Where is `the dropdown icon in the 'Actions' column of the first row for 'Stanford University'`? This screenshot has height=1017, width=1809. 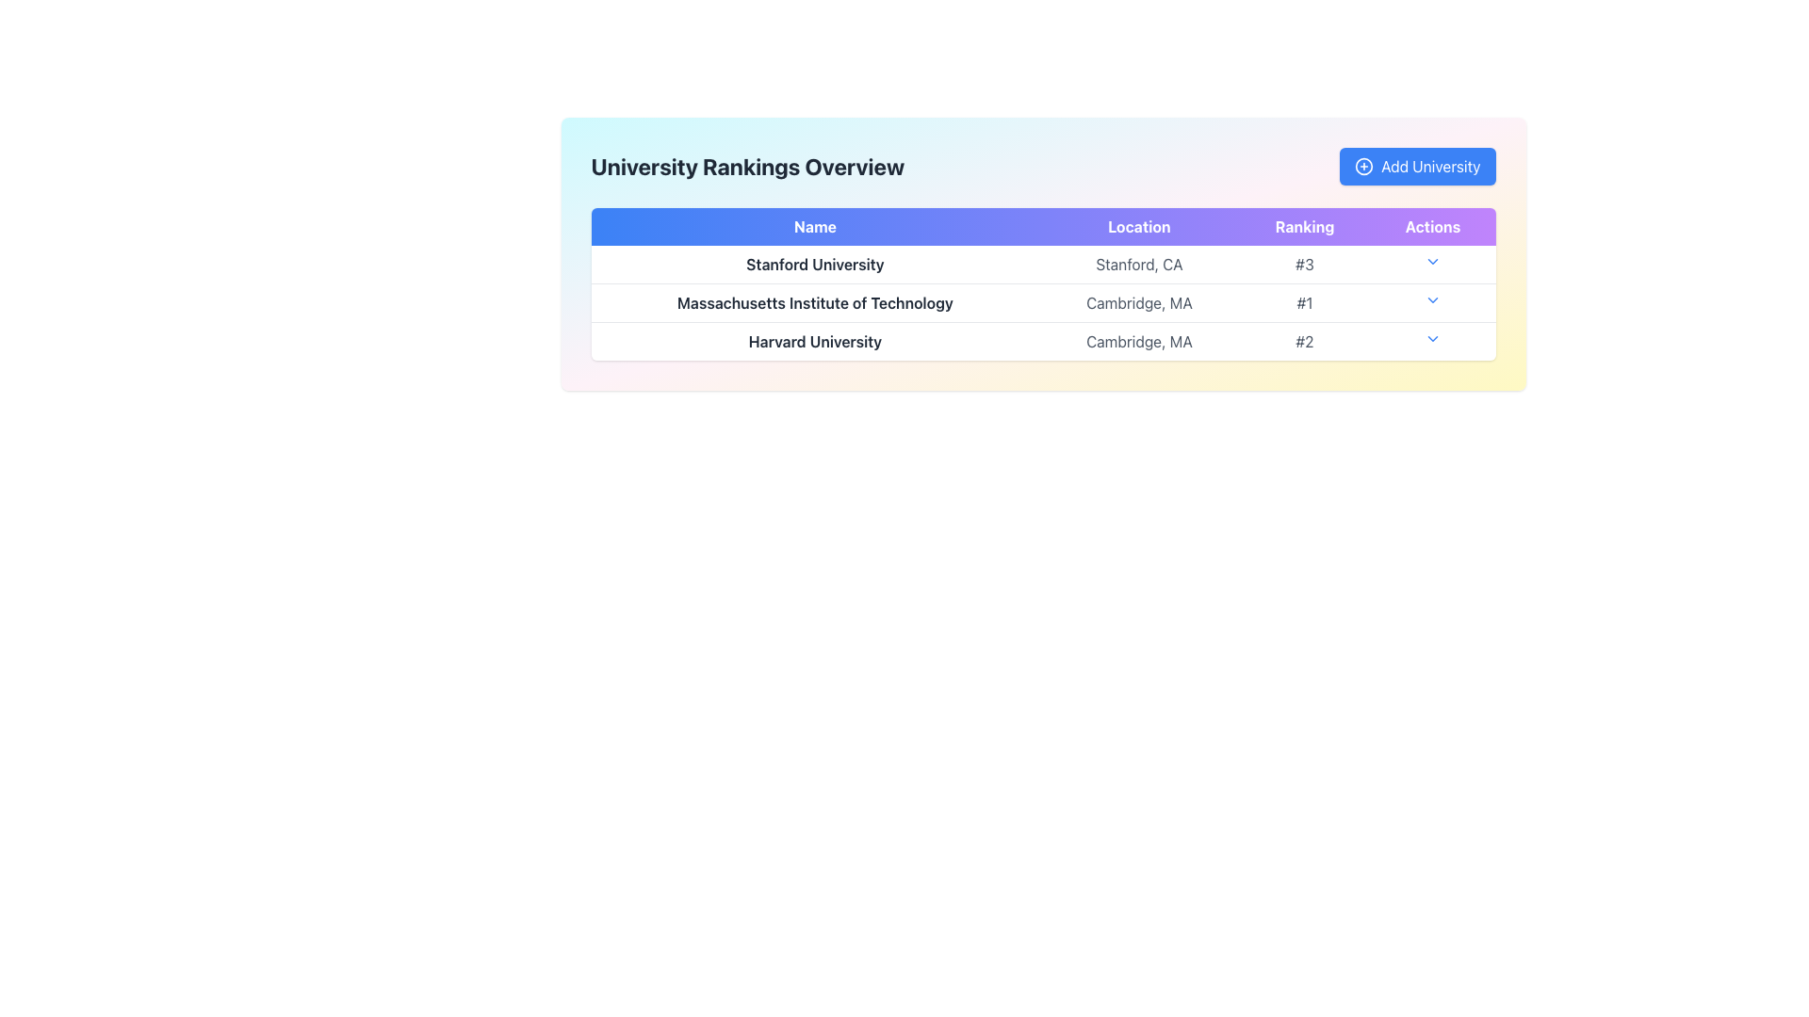
the dropdown icon in the 'Actions' column of the first row for 'Stanford University' is located at coordinates (1432, 261).